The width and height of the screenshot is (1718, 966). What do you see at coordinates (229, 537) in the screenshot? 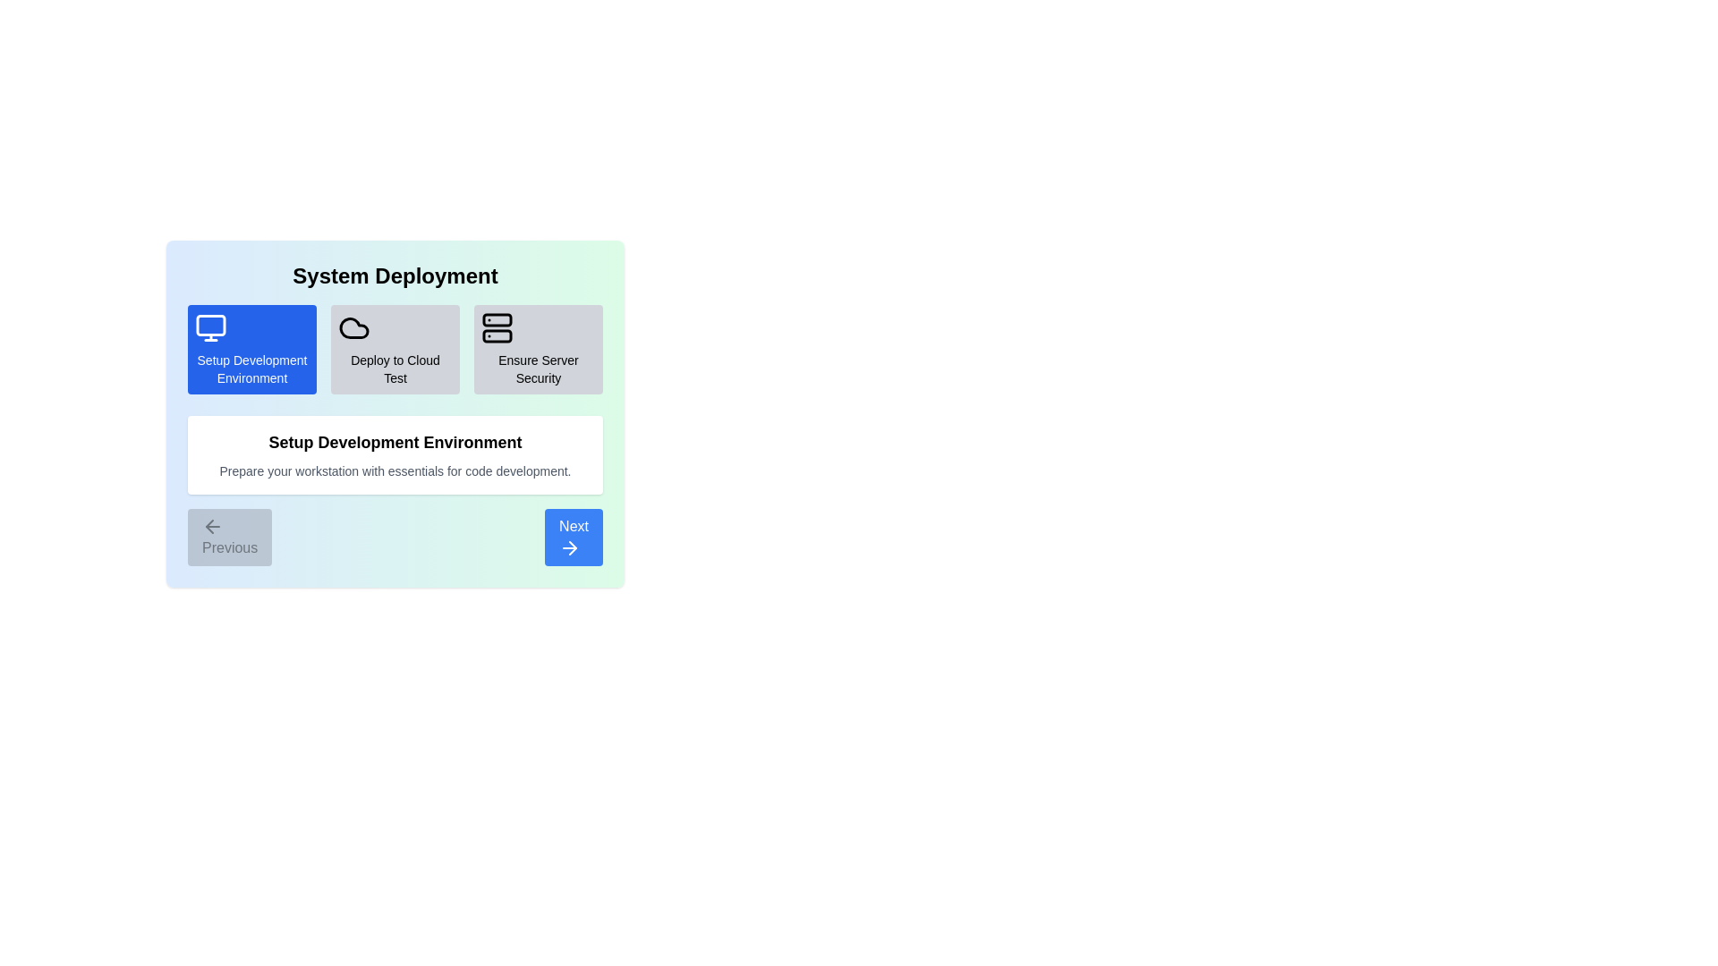
I see `the Previous button to navigate between steps` at bounding box center [229, 537].